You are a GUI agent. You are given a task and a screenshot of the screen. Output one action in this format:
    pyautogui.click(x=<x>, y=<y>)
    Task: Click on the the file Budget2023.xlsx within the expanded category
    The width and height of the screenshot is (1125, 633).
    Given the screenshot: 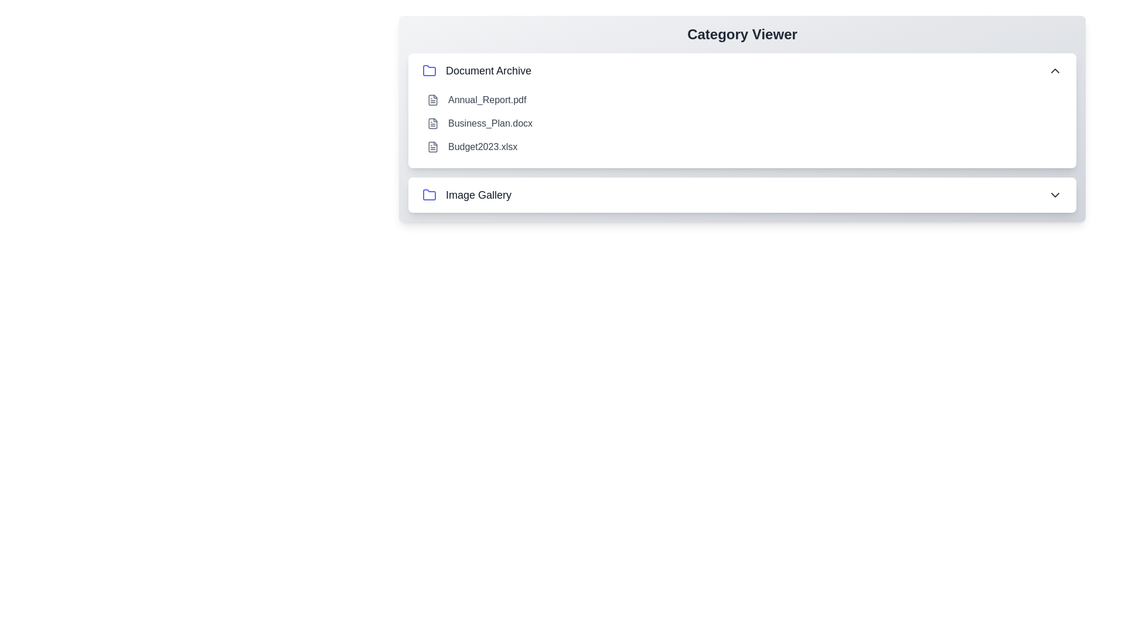 What is the action you would take?
    pyautogui.click(x=432, y=146)
    